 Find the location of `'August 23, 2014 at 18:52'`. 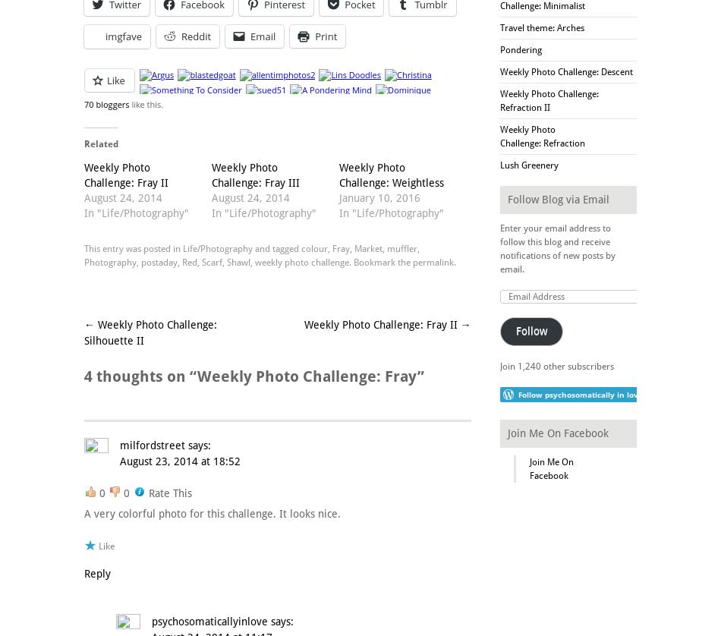

'August 23, 2014 at 18:52' is located at coordinates (180, 460).